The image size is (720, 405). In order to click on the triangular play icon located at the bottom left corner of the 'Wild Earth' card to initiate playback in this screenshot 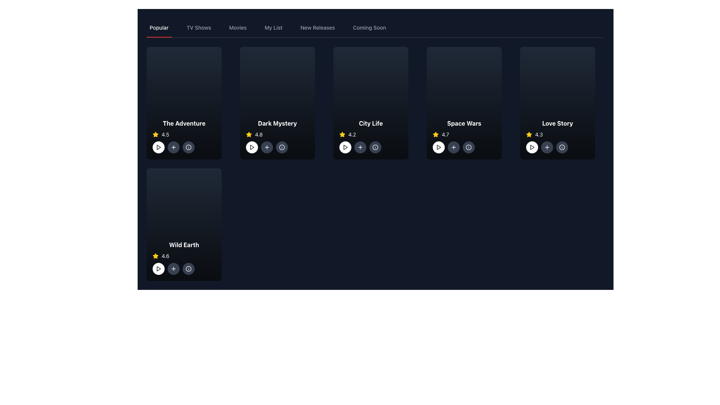, I will do `click(158, 268)`.